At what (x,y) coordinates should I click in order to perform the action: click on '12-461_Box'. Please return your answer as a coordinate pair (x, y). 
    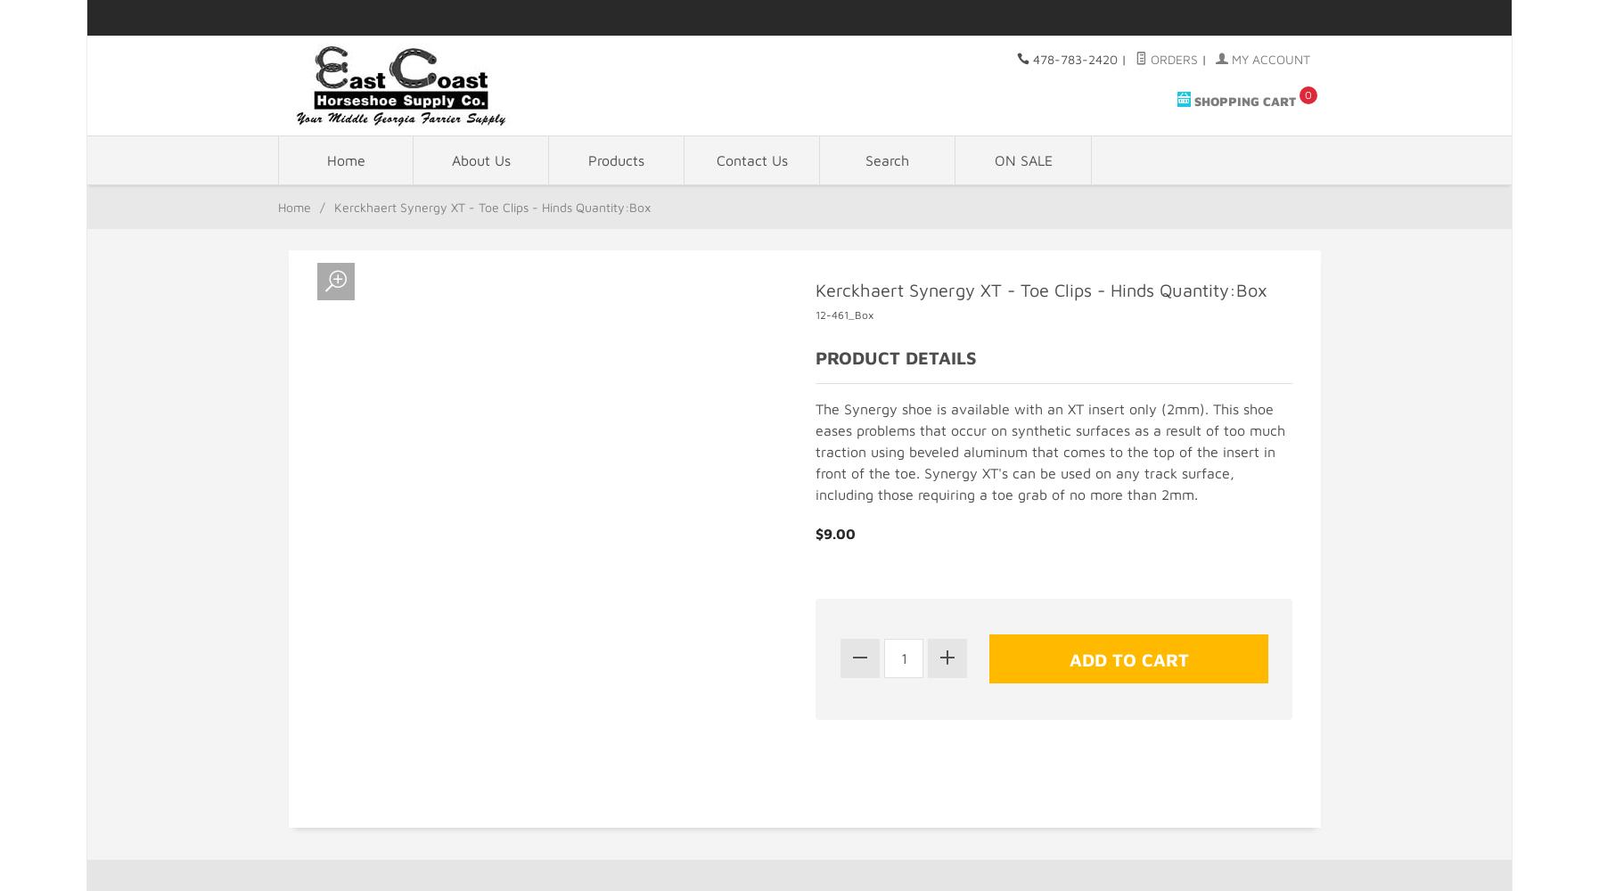
    Looking at the image, I should click on (843, 313).